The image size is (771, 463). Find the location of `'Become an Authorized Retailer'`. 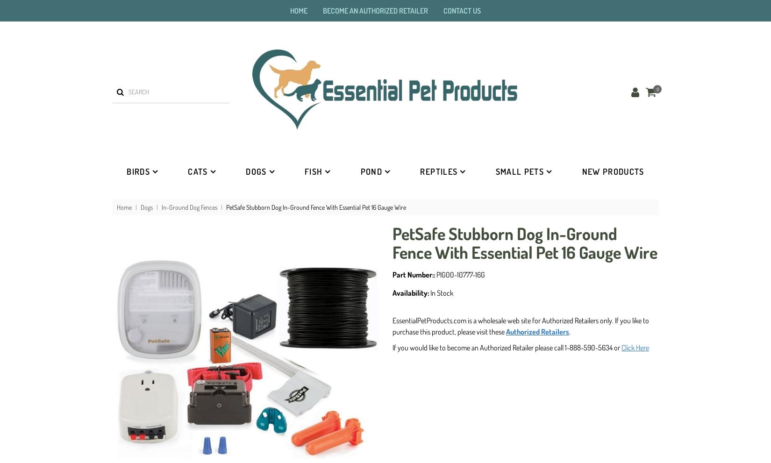

'Become an Authorized Retailer' is located at coordinates (375, 10).